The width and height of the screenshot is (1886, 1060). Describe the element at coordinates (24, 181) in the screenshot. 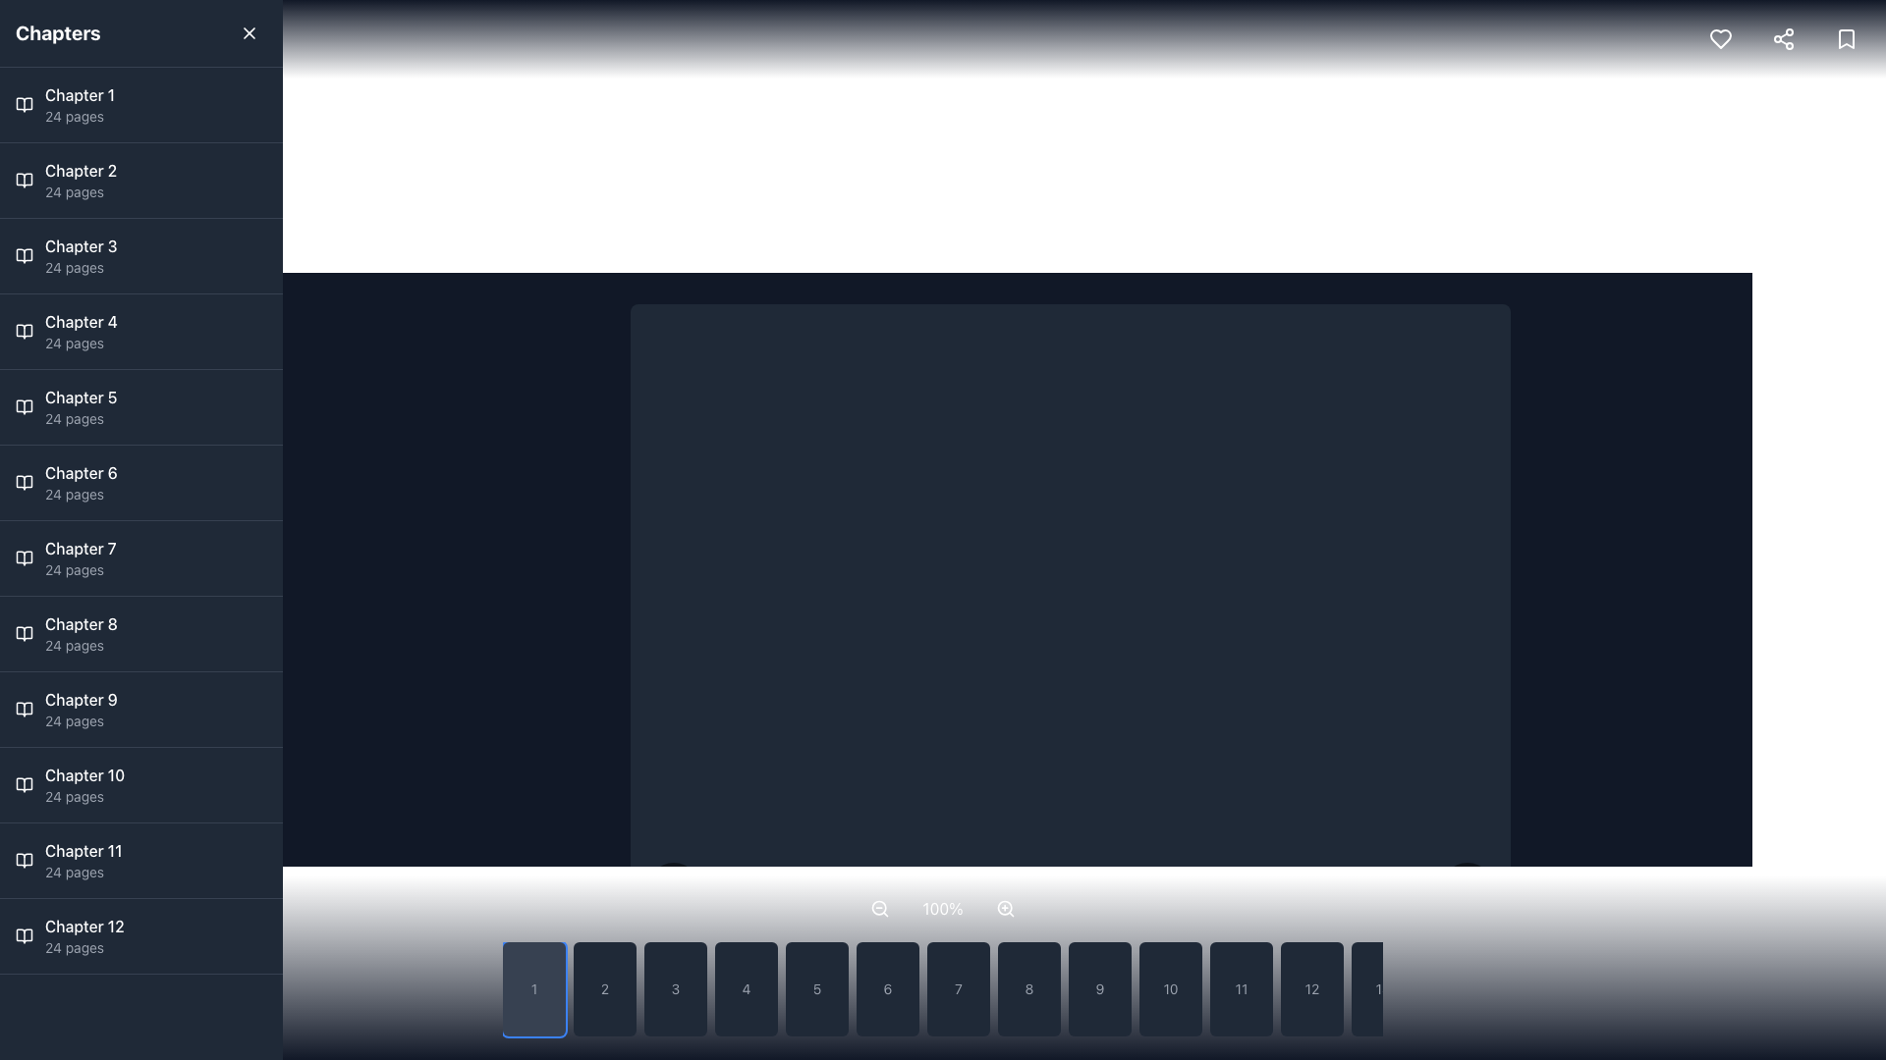

I see `the open book icon, which is the second icon in the vertical list of chapters, located to the left of the text 'Chapter 2'` at that location.